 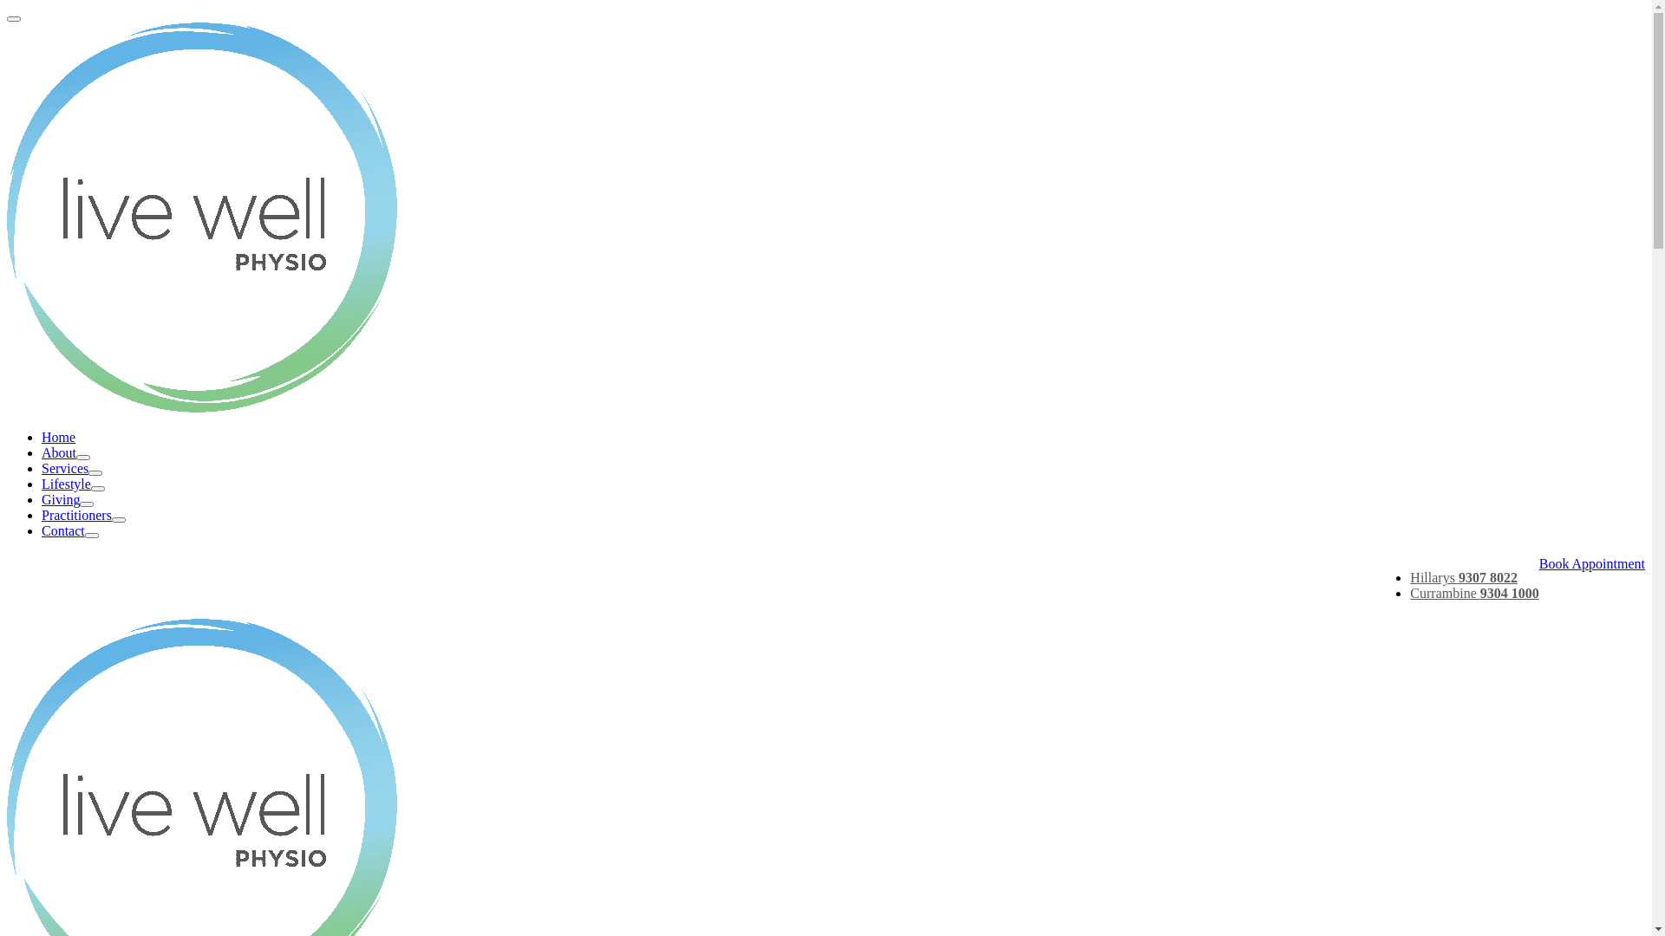 What do you see at coordinates (70, 468) in the screenshot?
I see `'Services'` at bounding box center [70, 468].